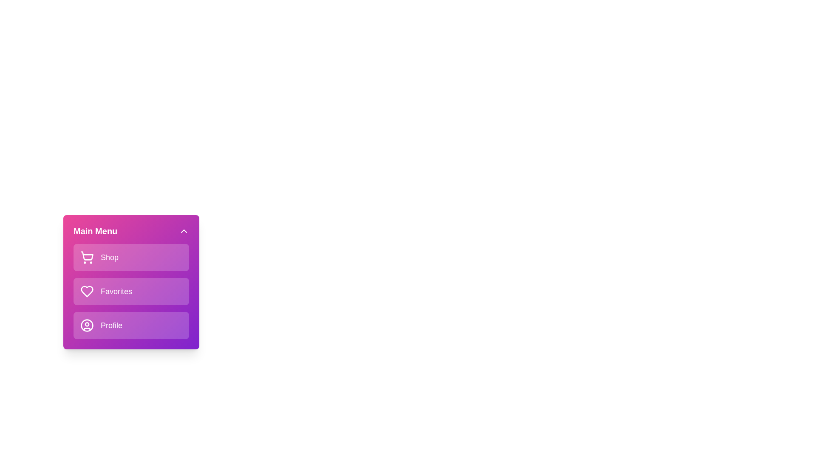 The height and width of the screenshot is (459, 816). I want to click on the menu item Favorites, so click(130, 291).